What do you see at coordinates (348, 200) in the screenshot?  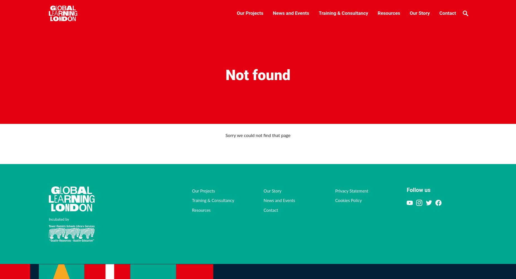 I see `'Cookies Policy'` at bounding box center [348, 200].